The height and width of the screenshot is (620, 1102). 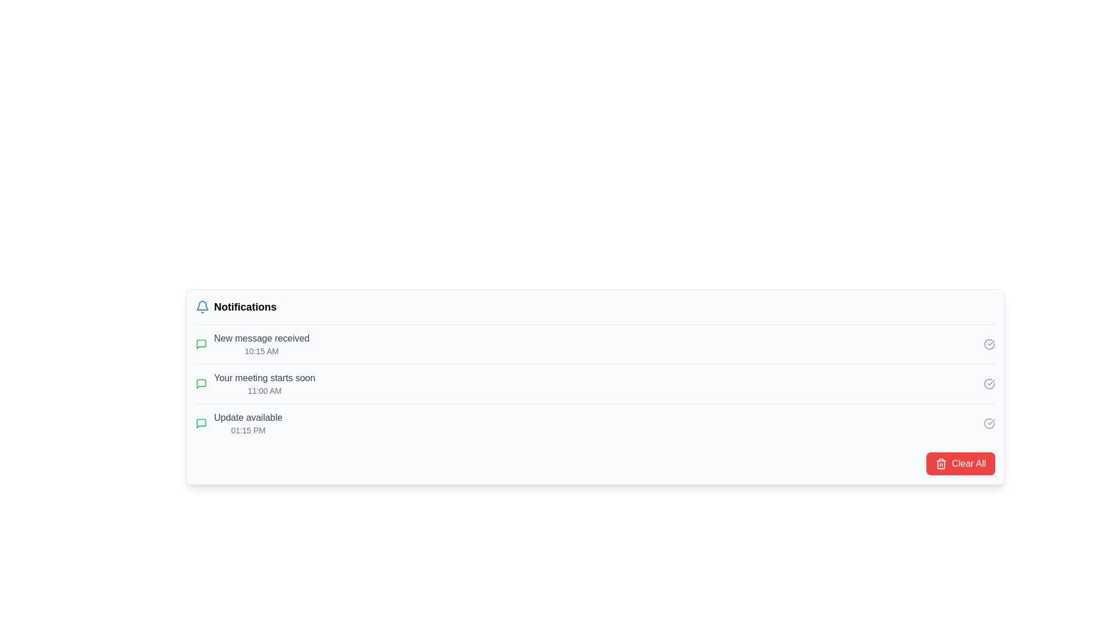 What do you see at coordinates (201, 344) in the screenshot?
I see `the green notification icon located to the left of the text 'Your meeting starts soon', which is the second item in the notifications list` at bounding box center [201, 344].